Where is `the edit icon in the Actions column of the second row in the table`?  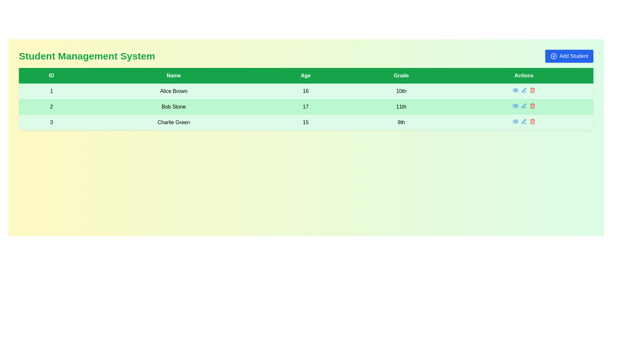 the edit icon in the Actions column of the second row in the table is located at coordinates (524, 90).